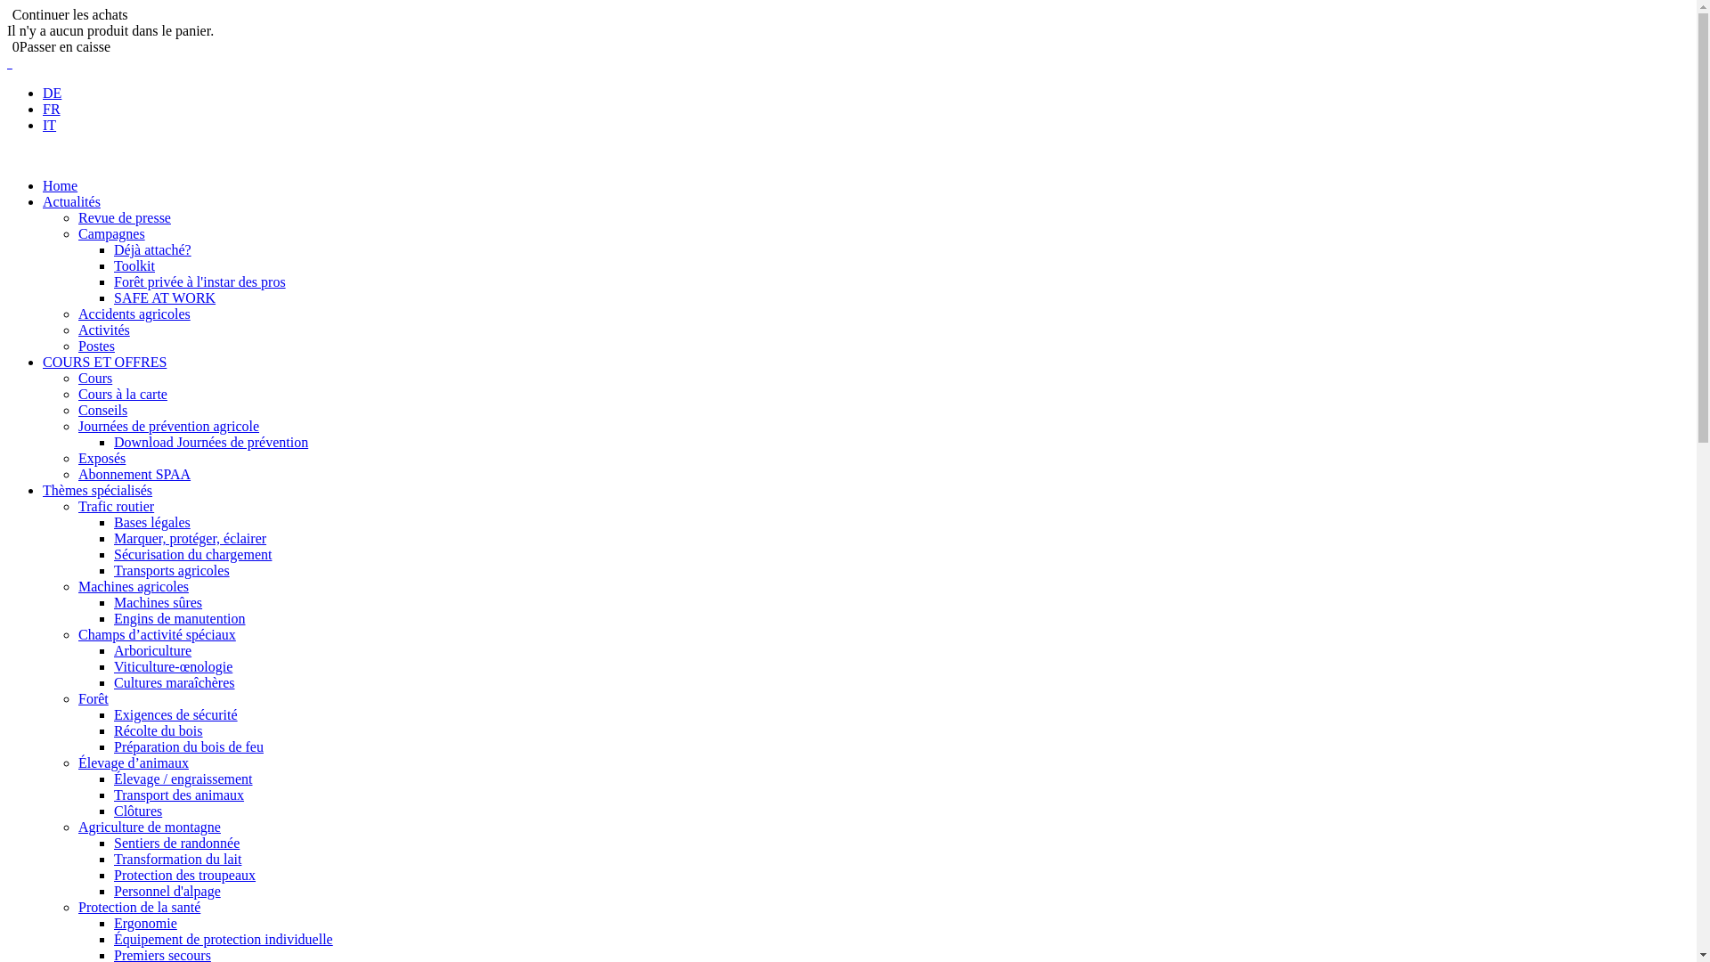 This screenshot has height=962, width=1710. I want to click on 'IT', so click(49, 124).